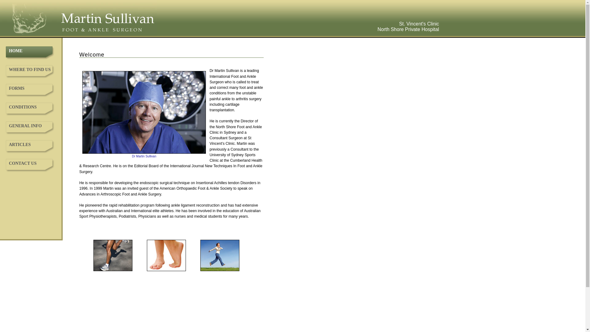  Describe the element at coordinates (30, 49) in the screenshot. I see `'HOME'` at that location.